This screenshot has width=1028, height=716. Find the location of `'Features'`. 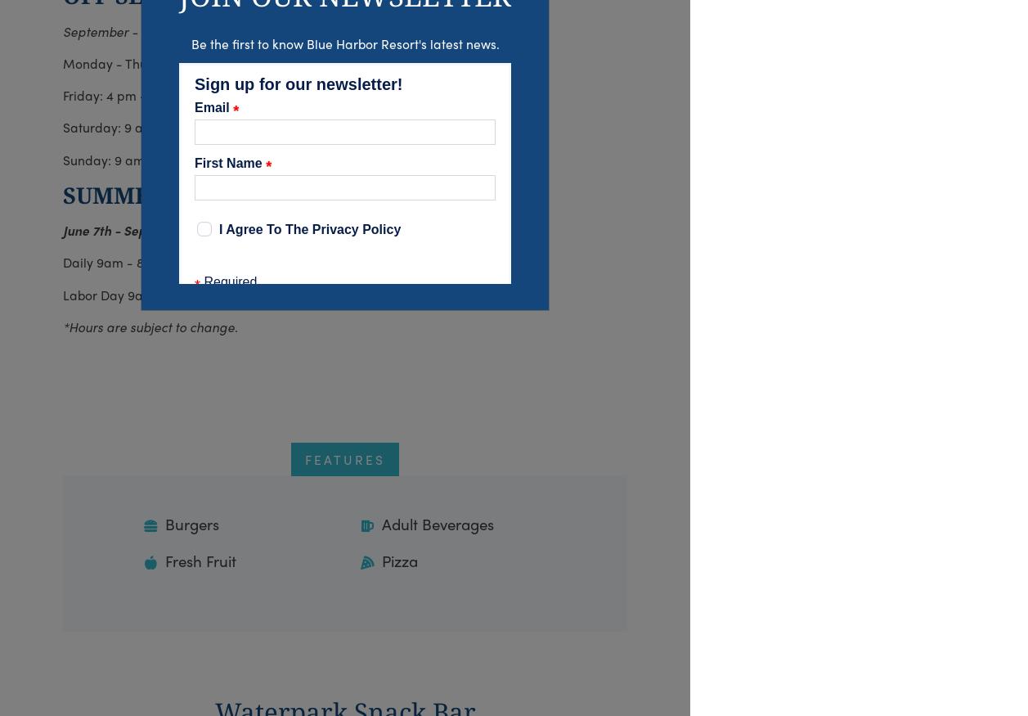

'Features' is located at coordinates (344, 457).